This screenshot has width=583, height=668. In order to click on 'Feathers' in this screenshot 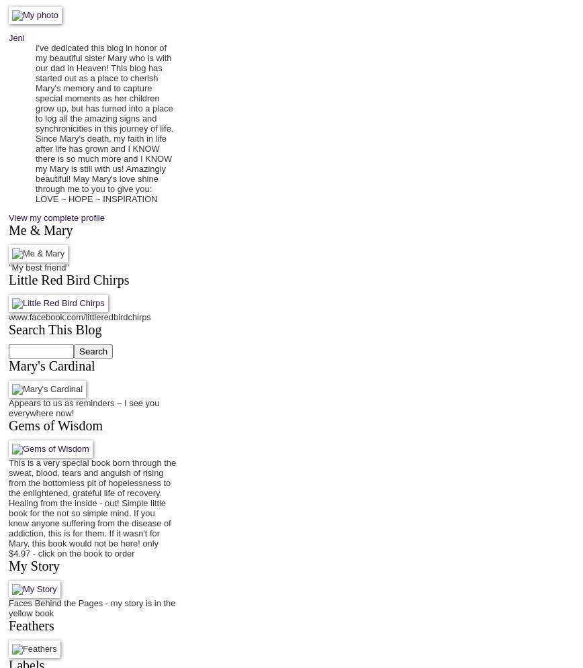, I will do `click(31, 625)`.